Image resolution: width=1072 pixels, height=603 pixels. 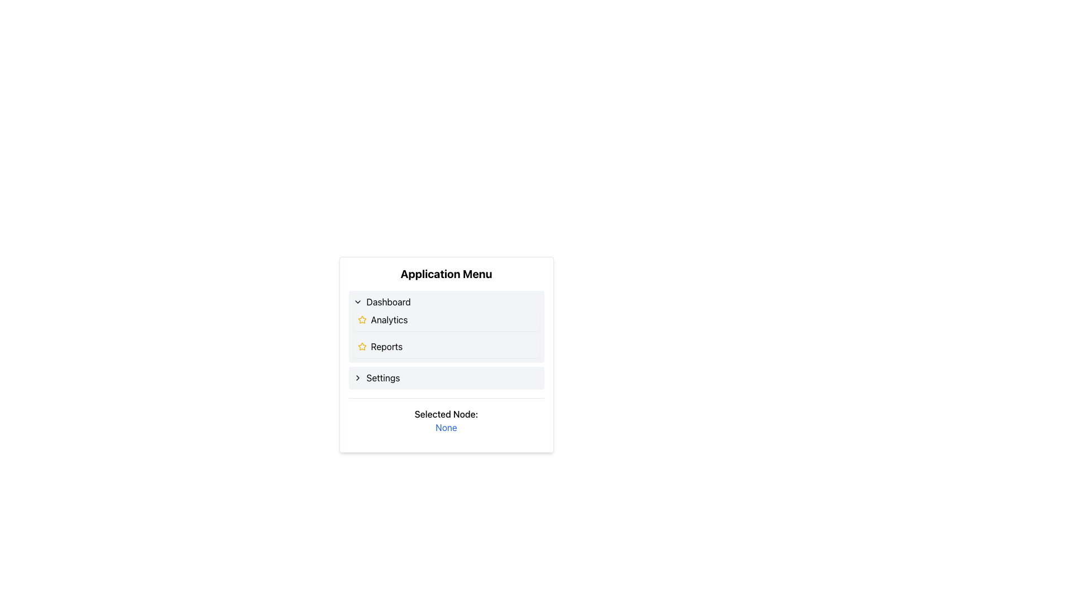 I want to click on the 'Settings' menu item, which is a collapsible UI component with a light gray background and rounded corners, located at the bottom of the vertical menu, so click(x=446, y=377).